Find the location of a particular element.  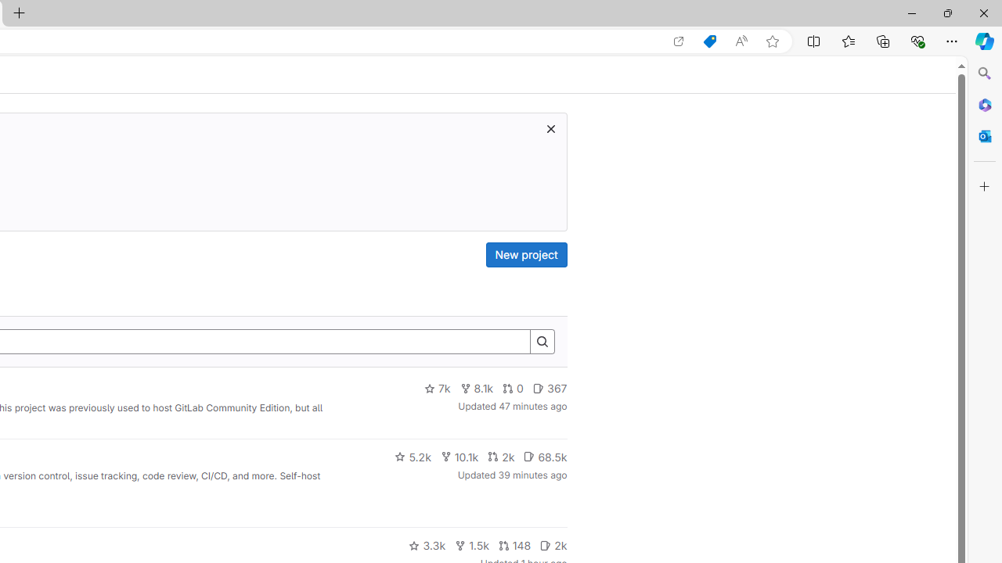

'3.3k' is located at coordinates (427, 545).